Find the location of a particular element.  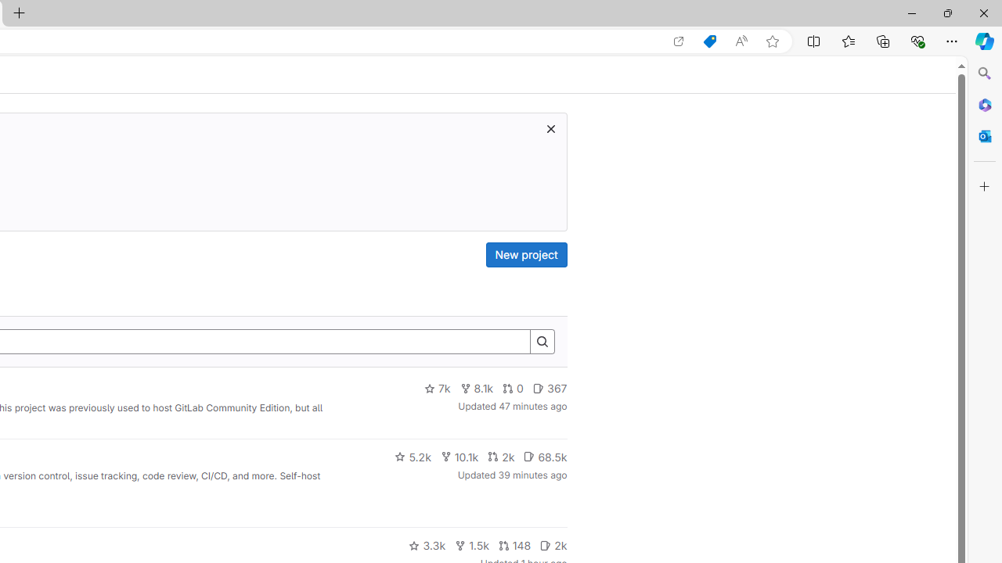

'3.3k' is located at coordinates (427, 545).